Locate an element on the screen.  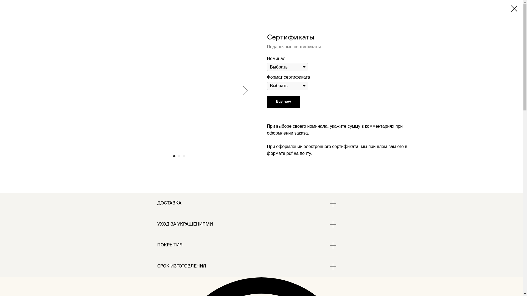
'Buy now' is located at coordinates (267, 102).